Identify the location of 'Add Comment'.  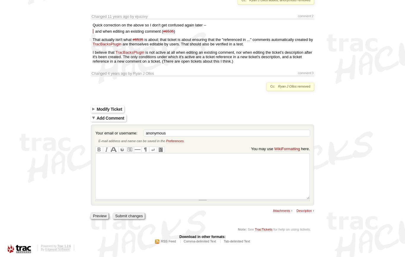
(97, 117).